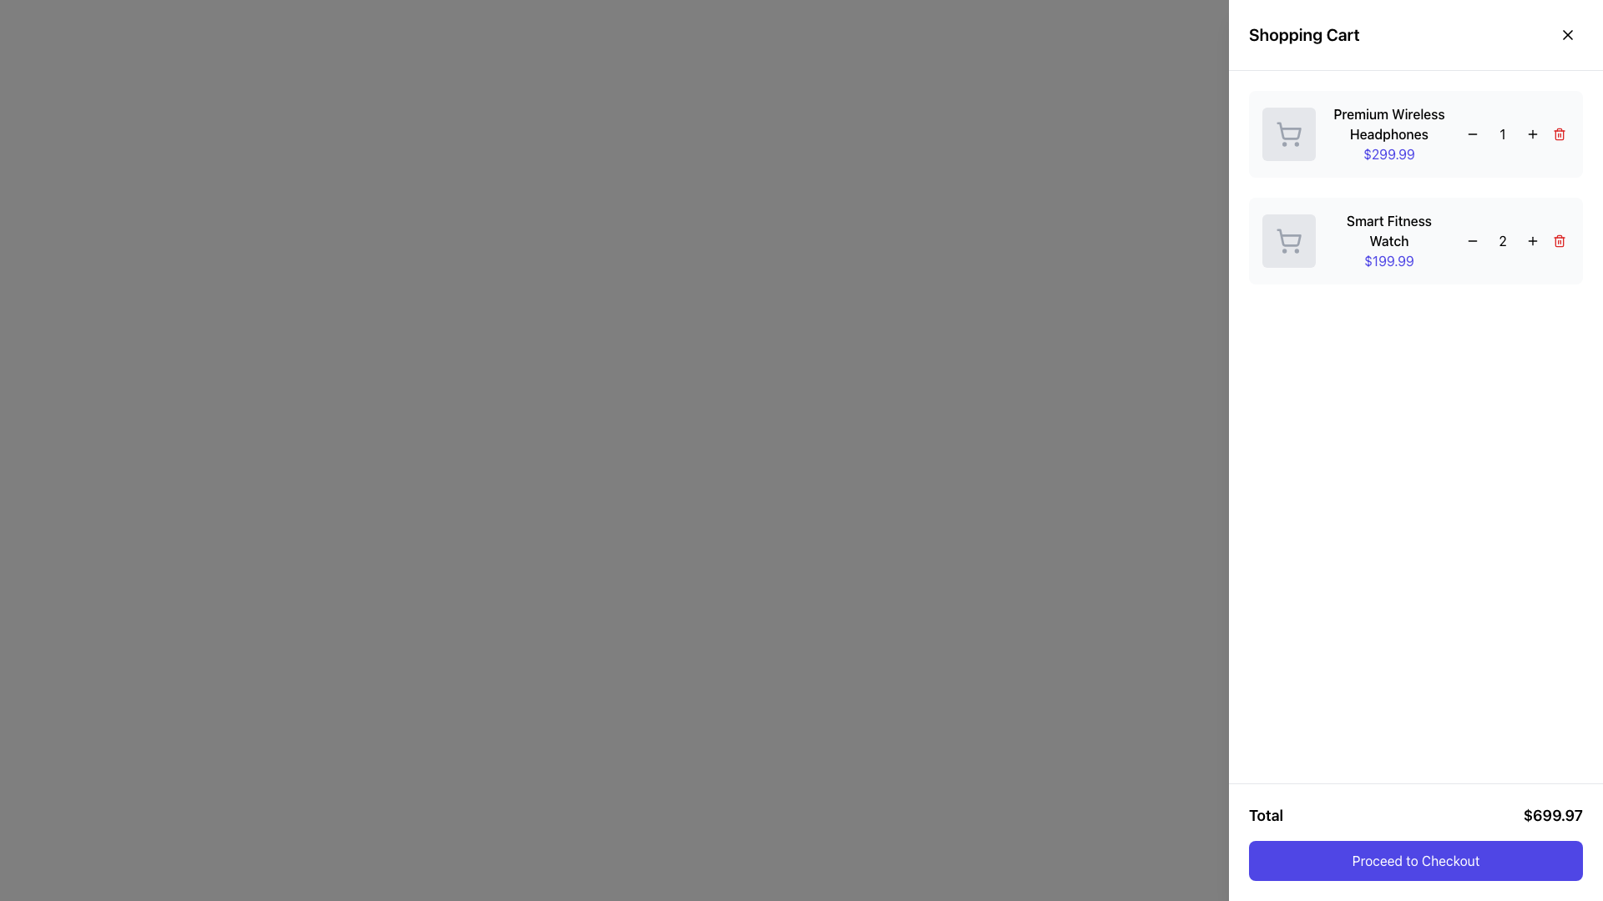  Describe the element at coordinates (1533, 133) in the screenshot. I see `the button to increase the quantity of 'Premium Wireless Headphones' in the shopping cart, located to the immediate right of the quantity value` at that location.